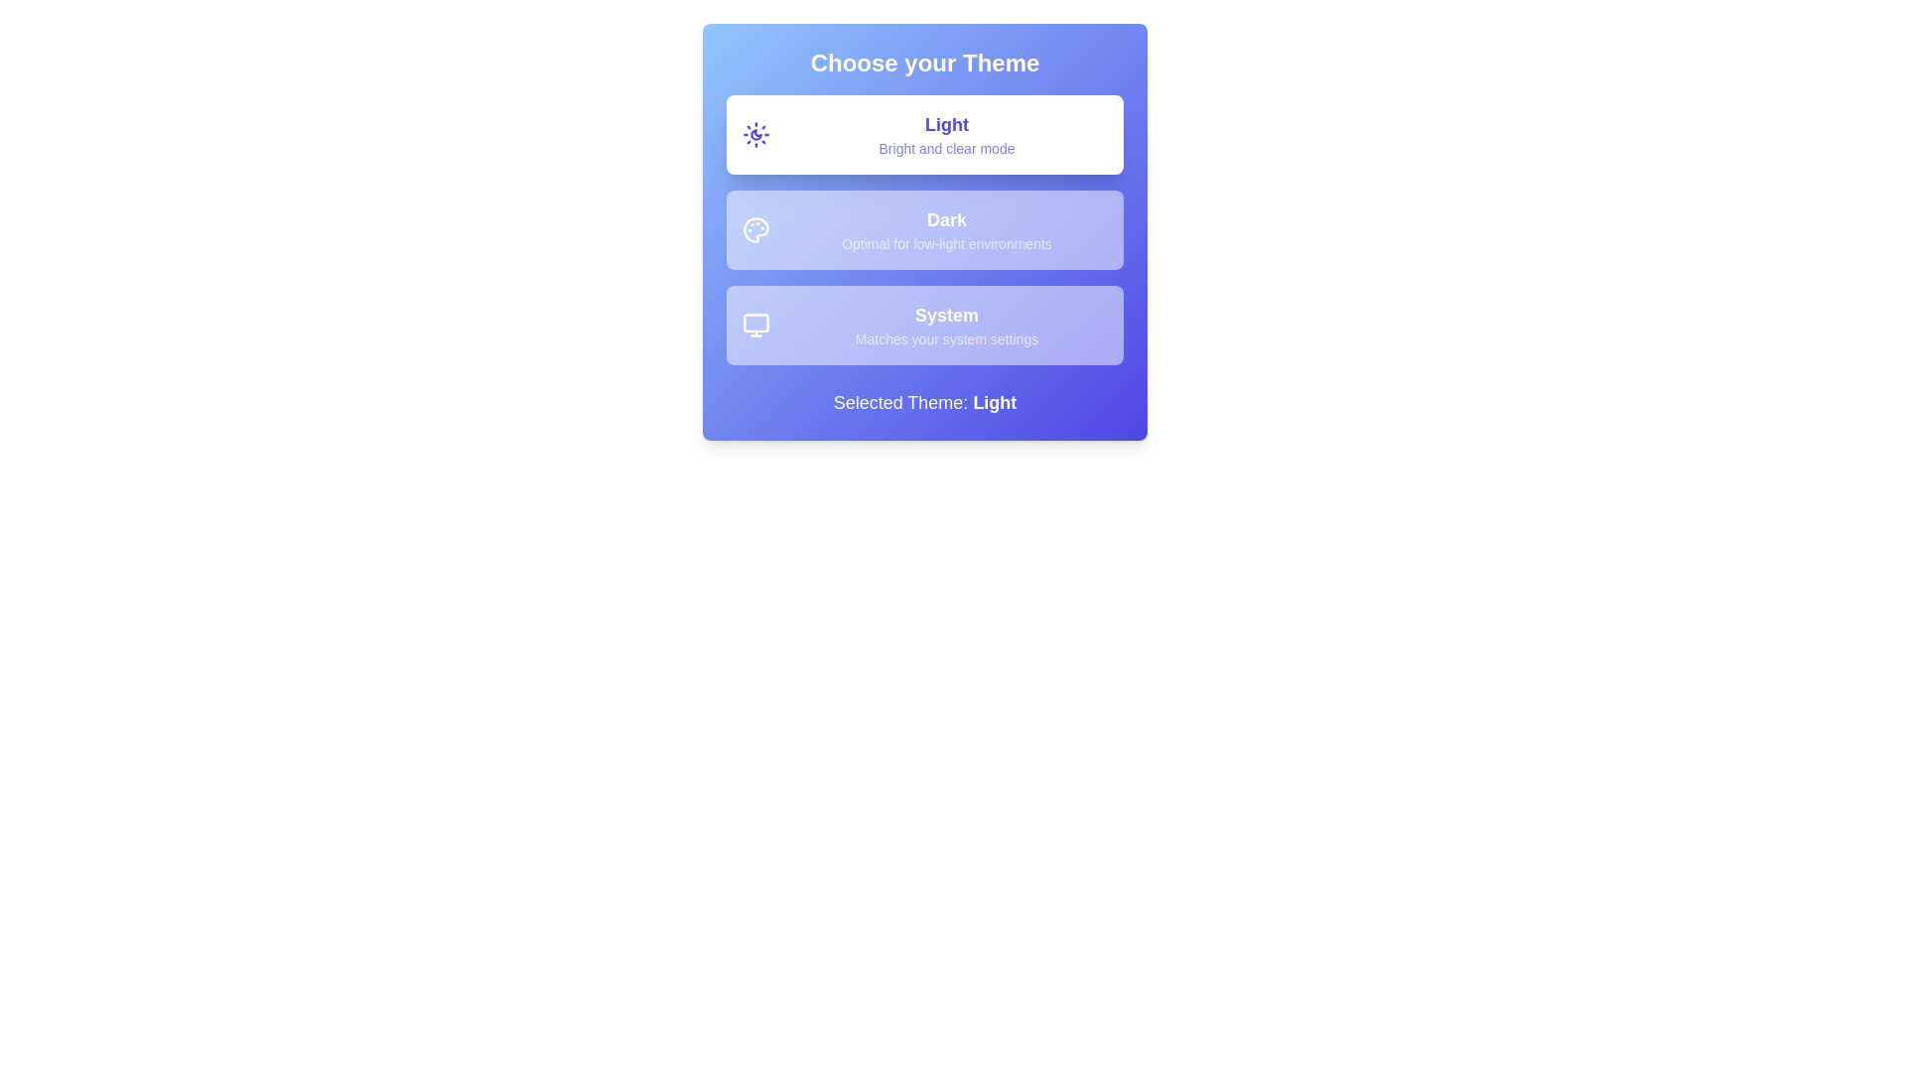  What do you see at coordinates (923, 324) in the screenshot?
I see `the theme System by clicking on its option` at bounding box center [923, 324].